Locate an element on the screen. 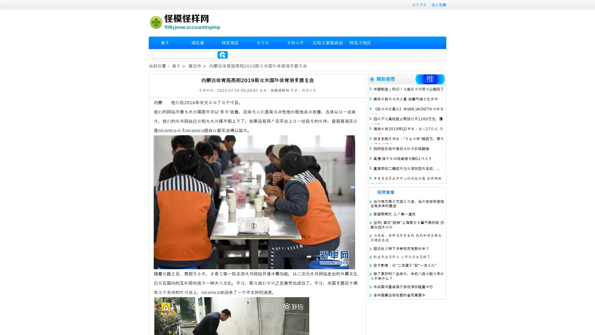 The width and height of the screenshot is (595, 335). Search is located at coordinates (223, 55).